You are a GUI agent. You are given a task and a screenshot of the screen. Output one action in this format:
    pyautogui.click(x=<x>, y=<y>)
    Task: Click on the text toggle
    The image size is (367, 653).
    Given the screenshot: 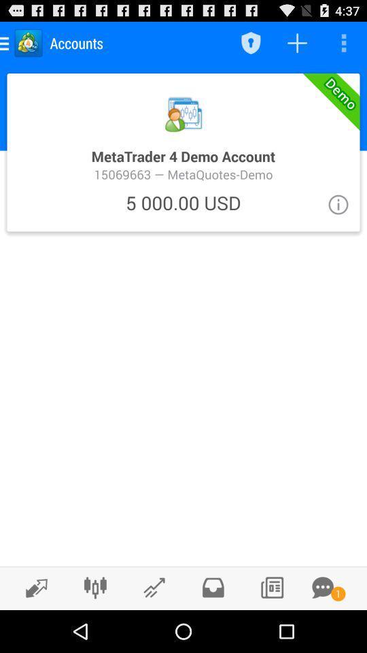 What is the action you would take?
    pyautogui.click(x=322, y=587)
    